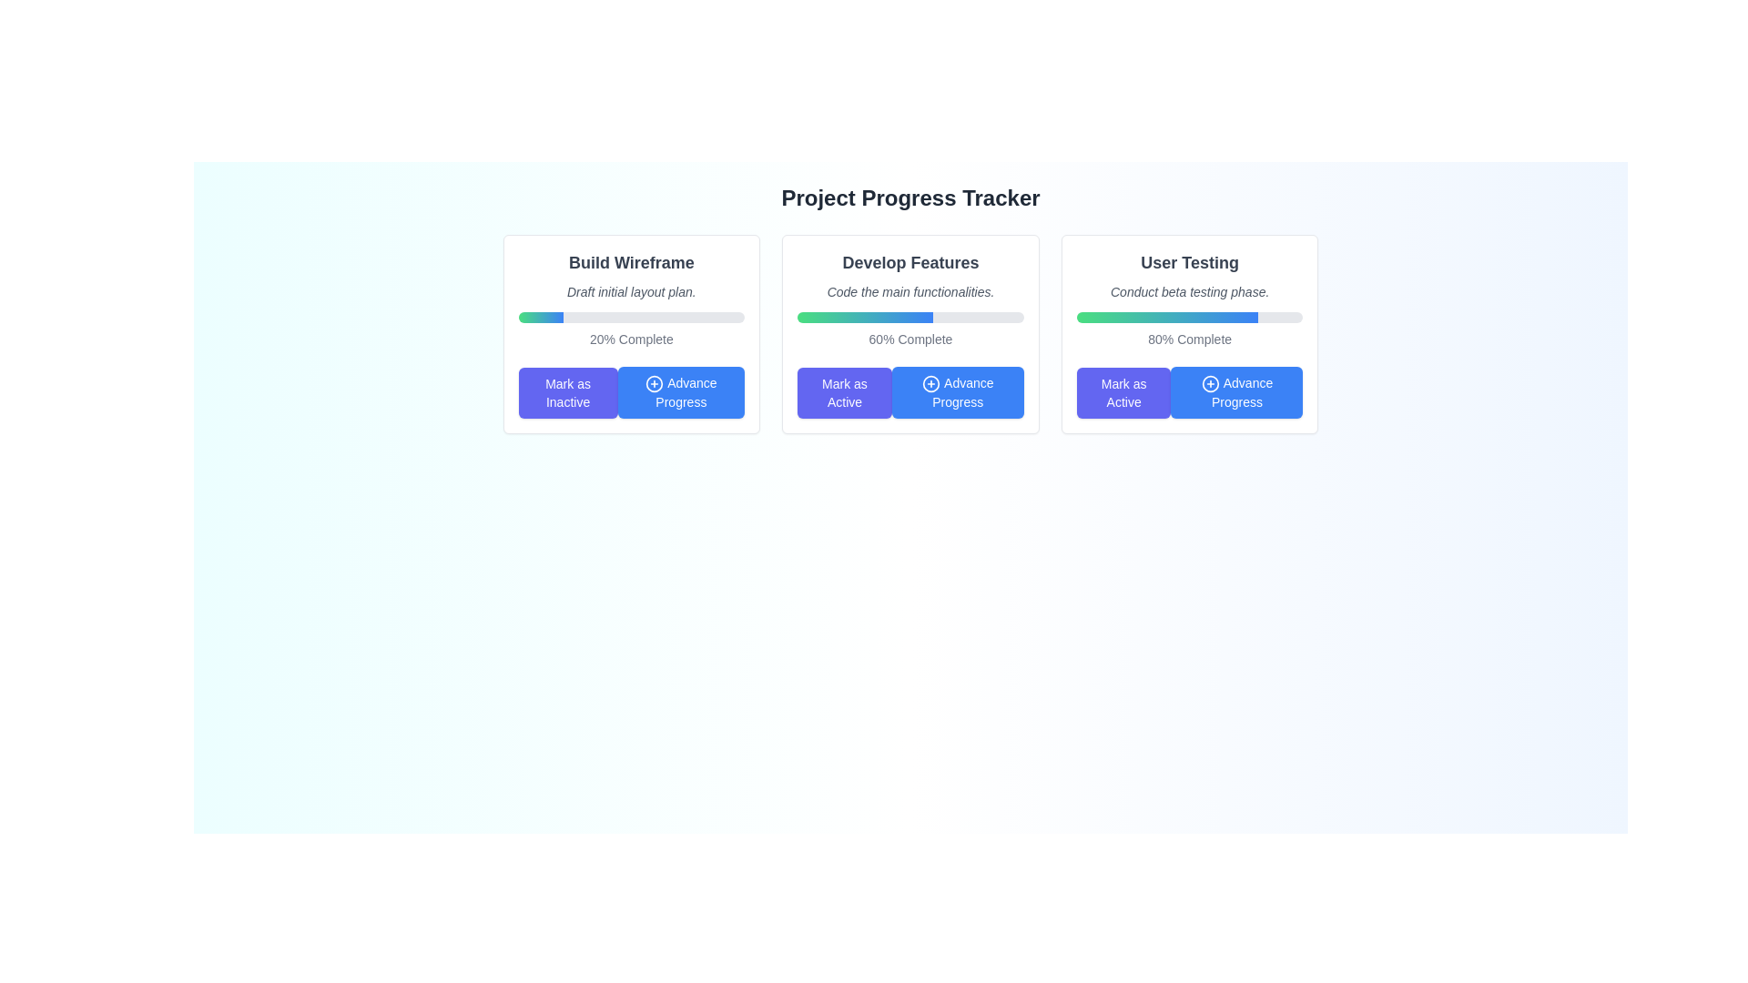 The height and width of the screenshot is (983, 1748). Describe the element at coordinates (1210, 383) in the screenshot. I see `the 'Advance Progress' button located in the 'User Testing' section, which contains a circular icon with a plus sign, positioned to the right of the button text` at that location.